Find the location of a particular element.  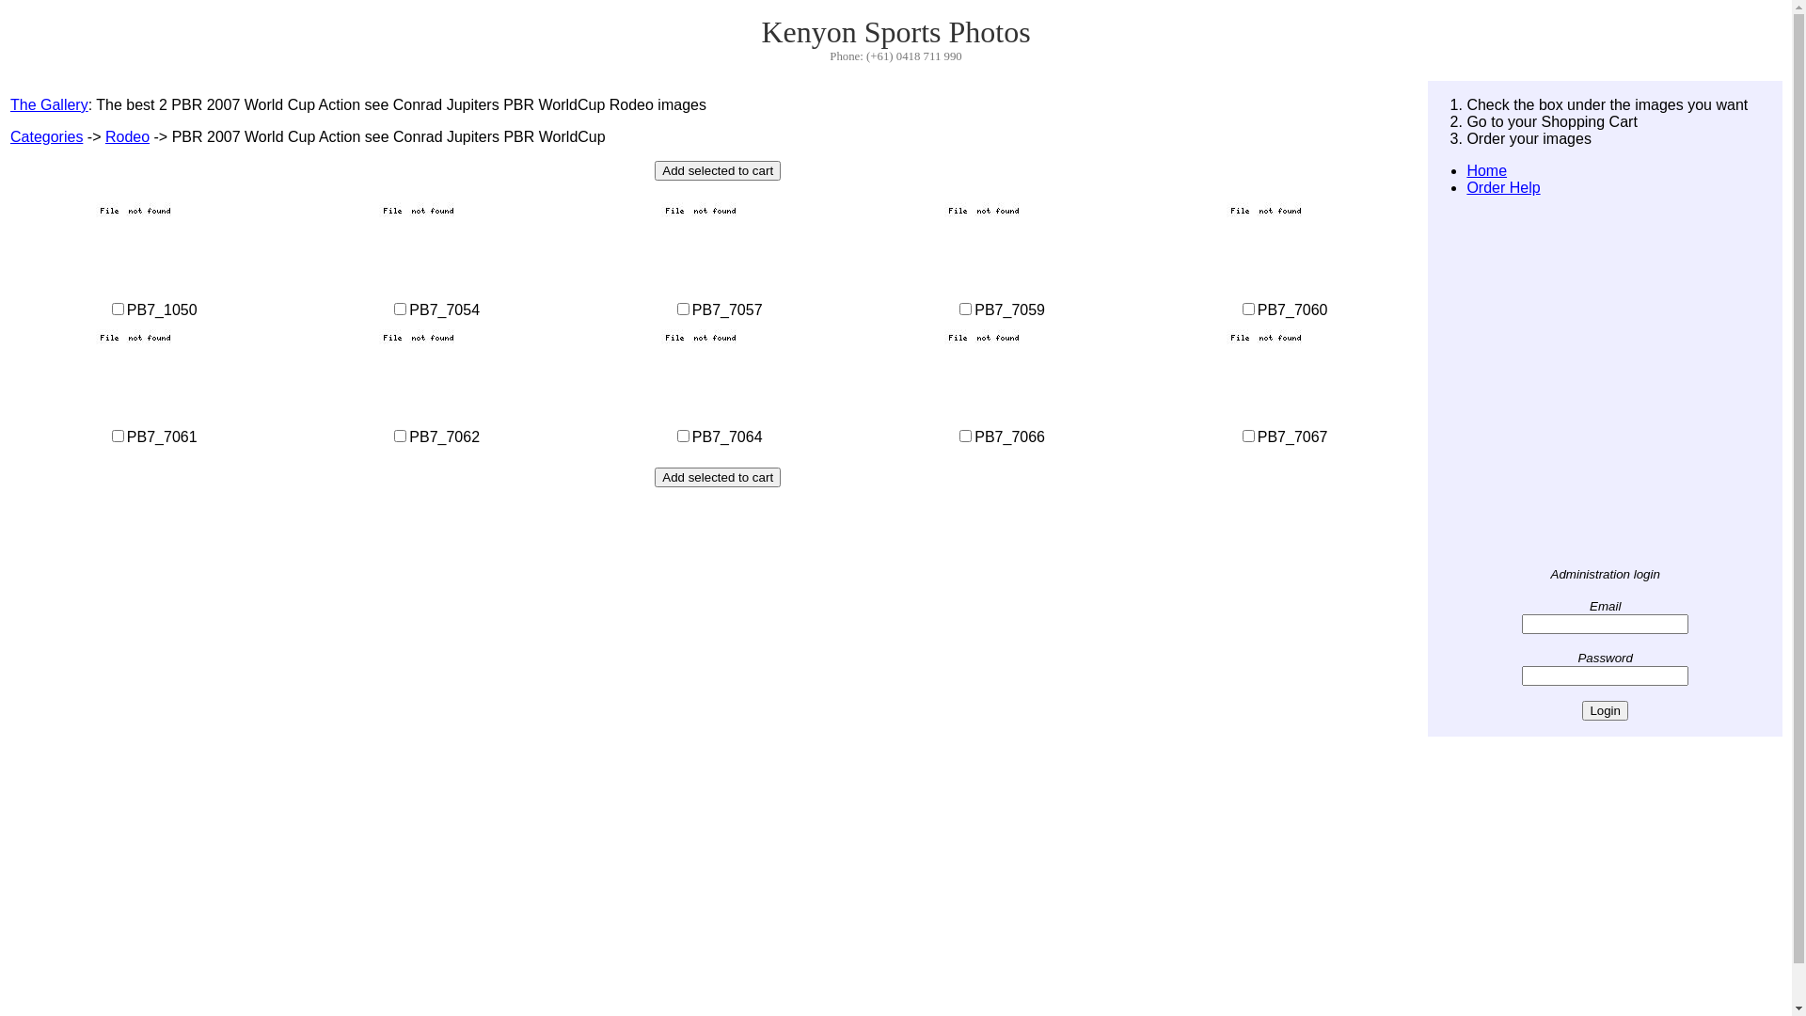

'The Gallery' is located at coordinates (49, 104).